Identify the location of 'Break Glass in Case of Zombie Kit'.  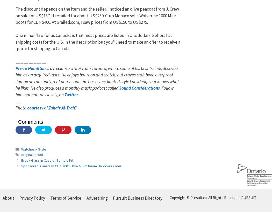
(47, 160).